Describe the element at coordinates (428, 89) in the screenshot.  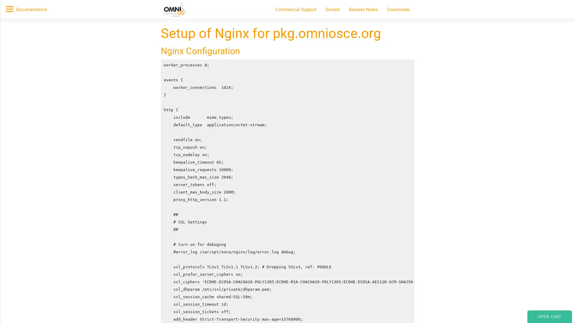
I see `CLOSE` at that location.